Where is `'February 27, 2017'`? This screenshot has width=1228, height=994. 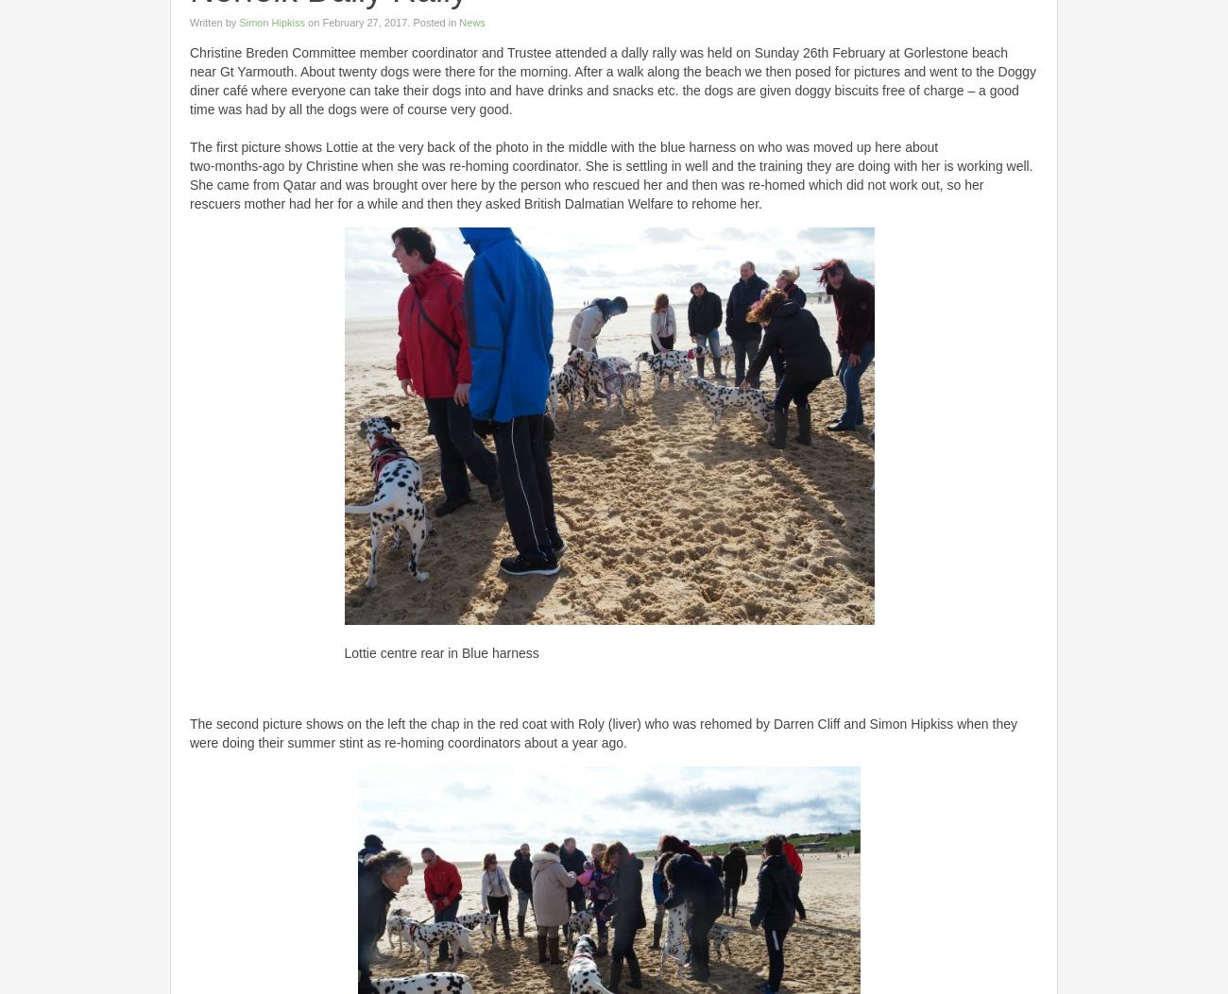 'February 27, 2017' is located at coordinates (364, 21).